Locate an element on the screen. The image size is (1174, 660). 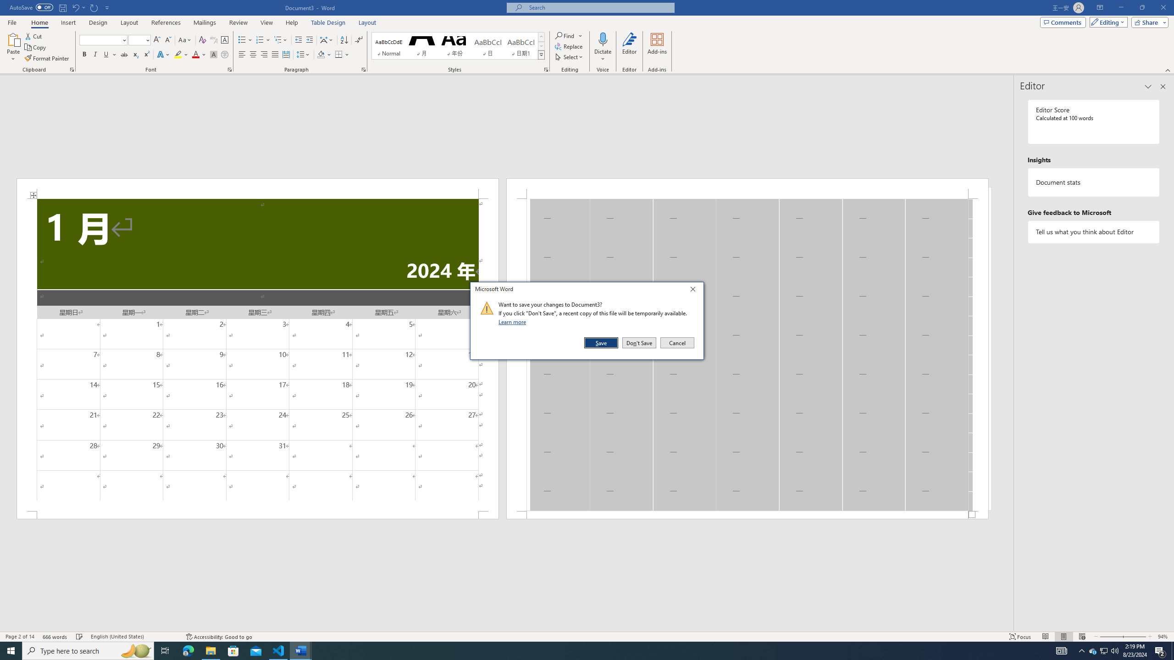
'Subscript' is located at coordinates (135, 54).